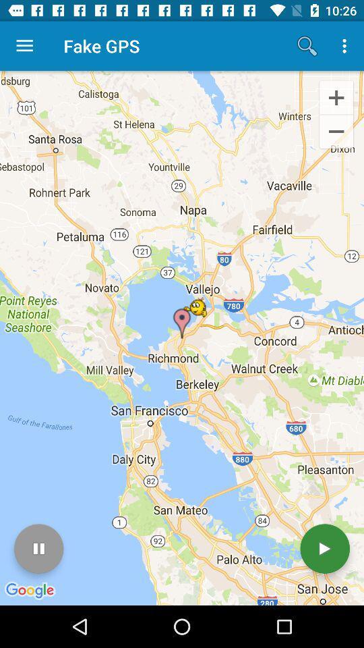  I want to click on the add icon, so click(336, 97).